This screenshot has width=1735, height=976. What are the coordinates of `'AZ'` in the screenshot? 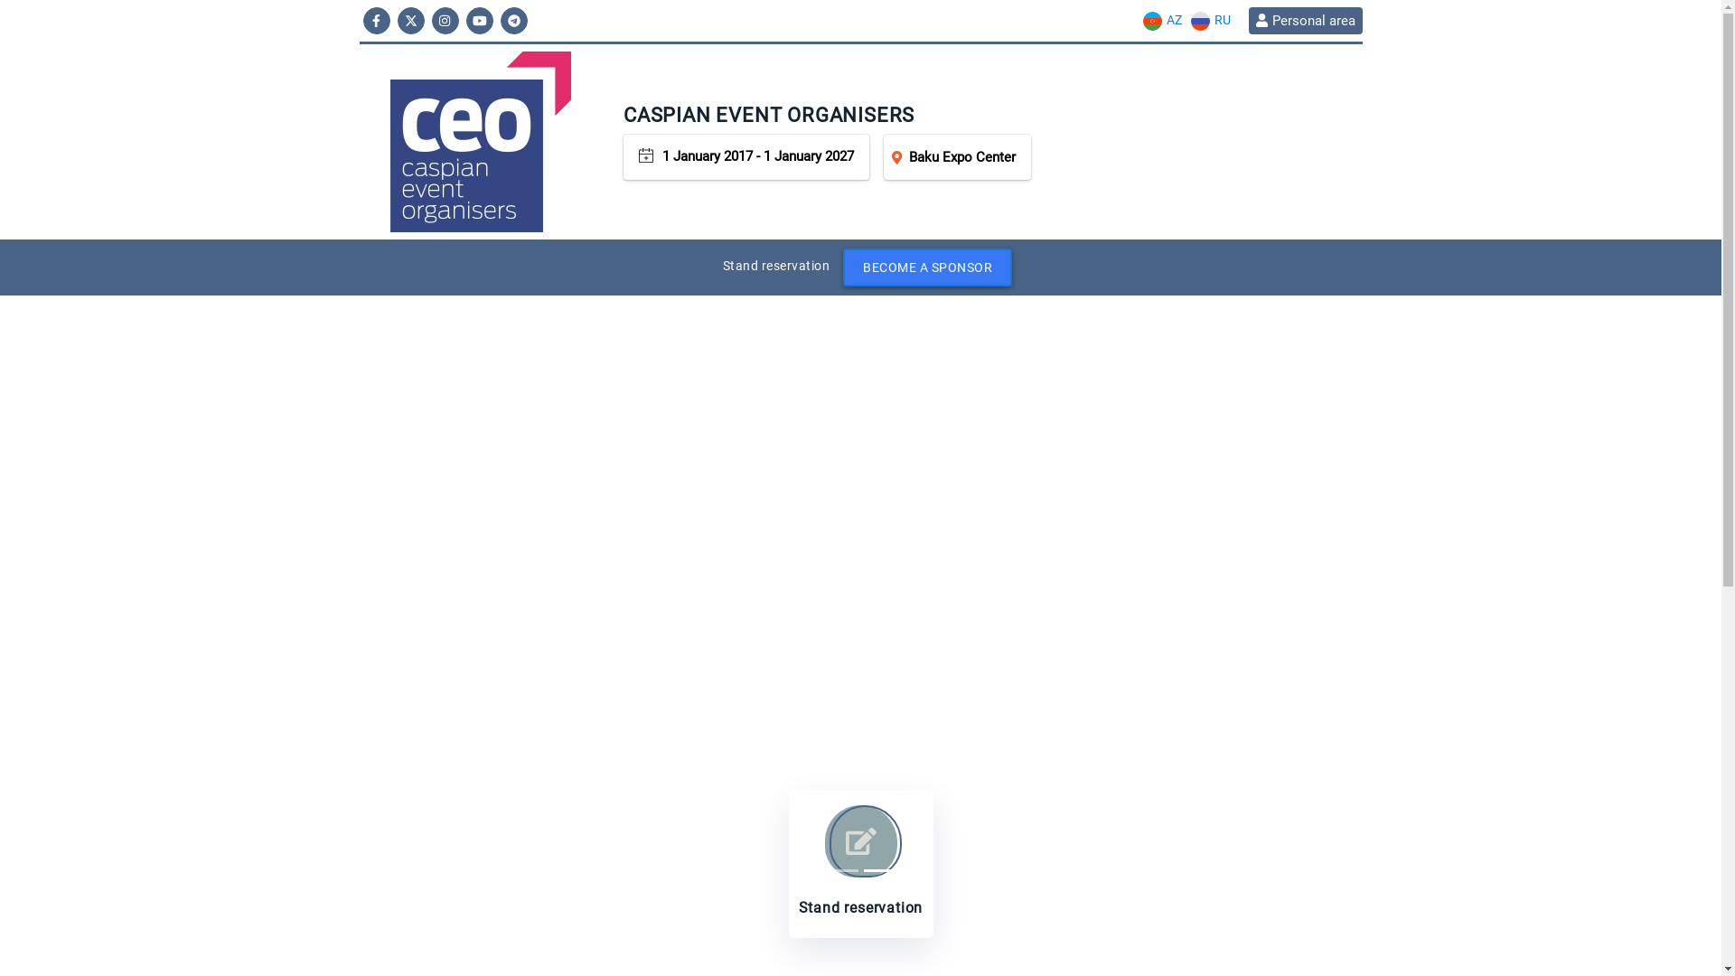 It's located at (1136, 20).